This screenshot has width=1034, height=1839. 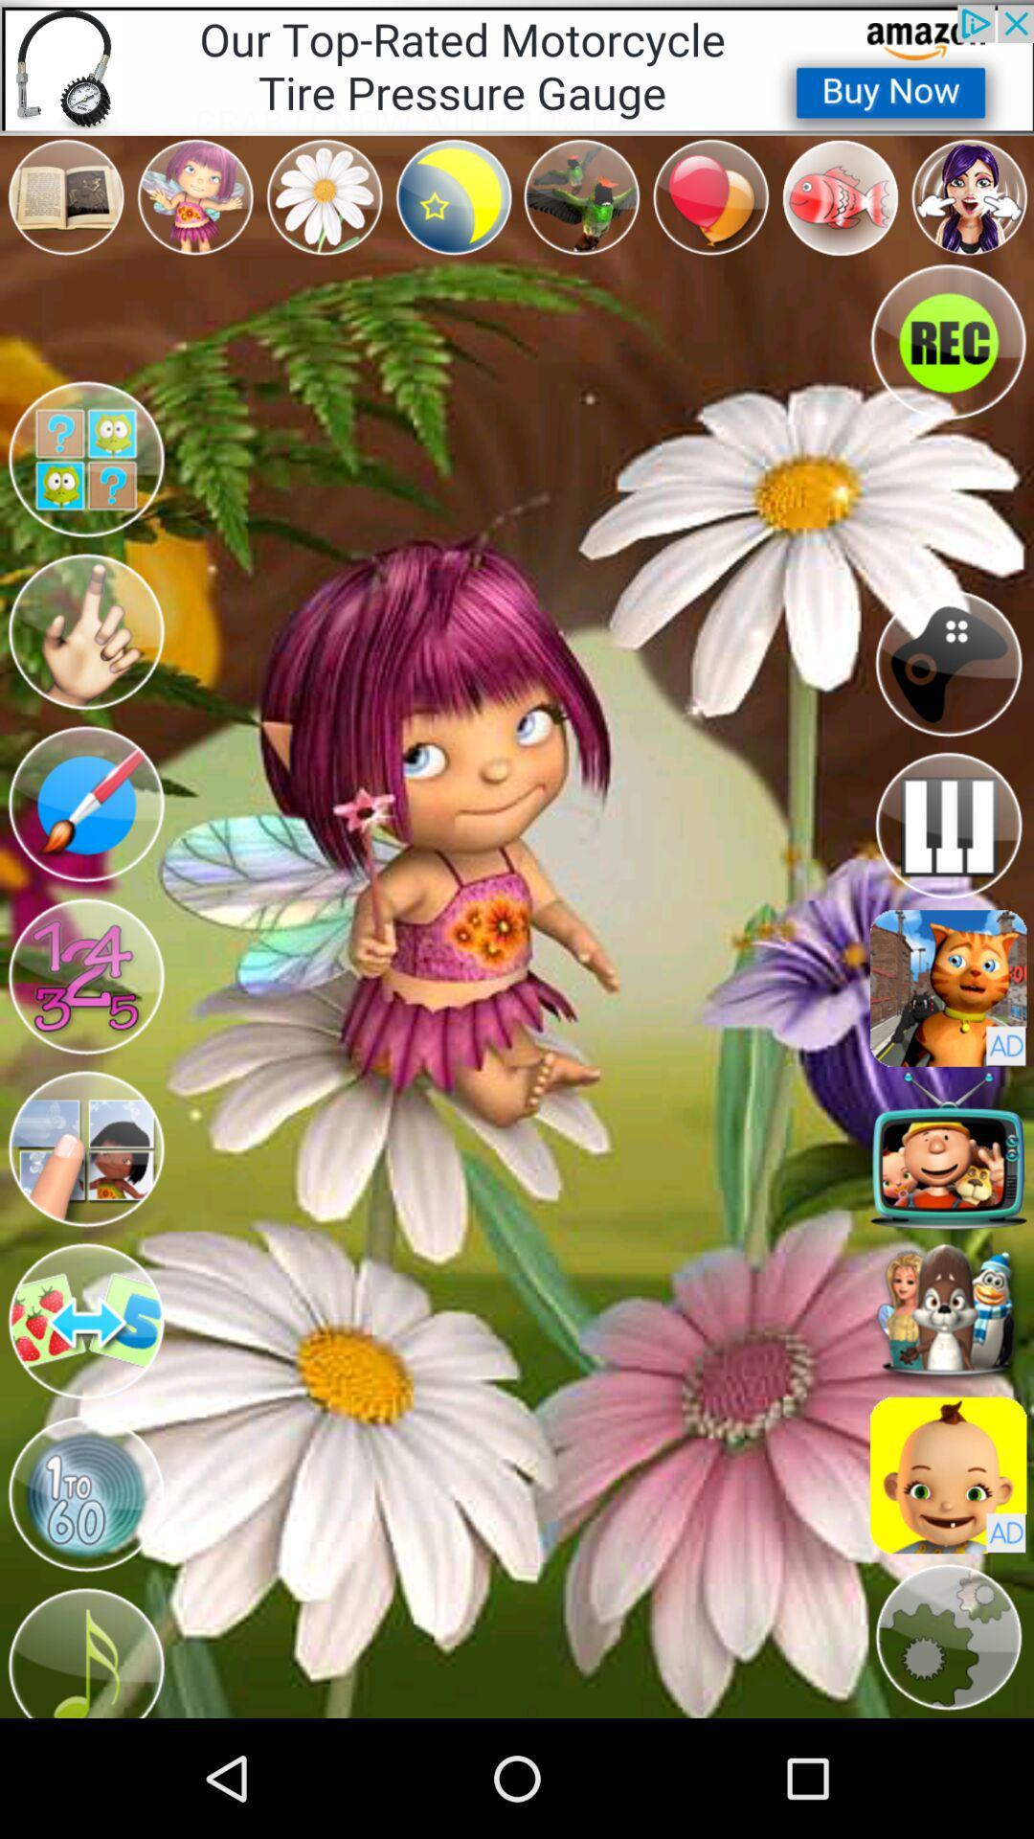 What do you see at coordinates (84, 1648) in the screenshot?
I see `music` at bounding box center [84, 1648].